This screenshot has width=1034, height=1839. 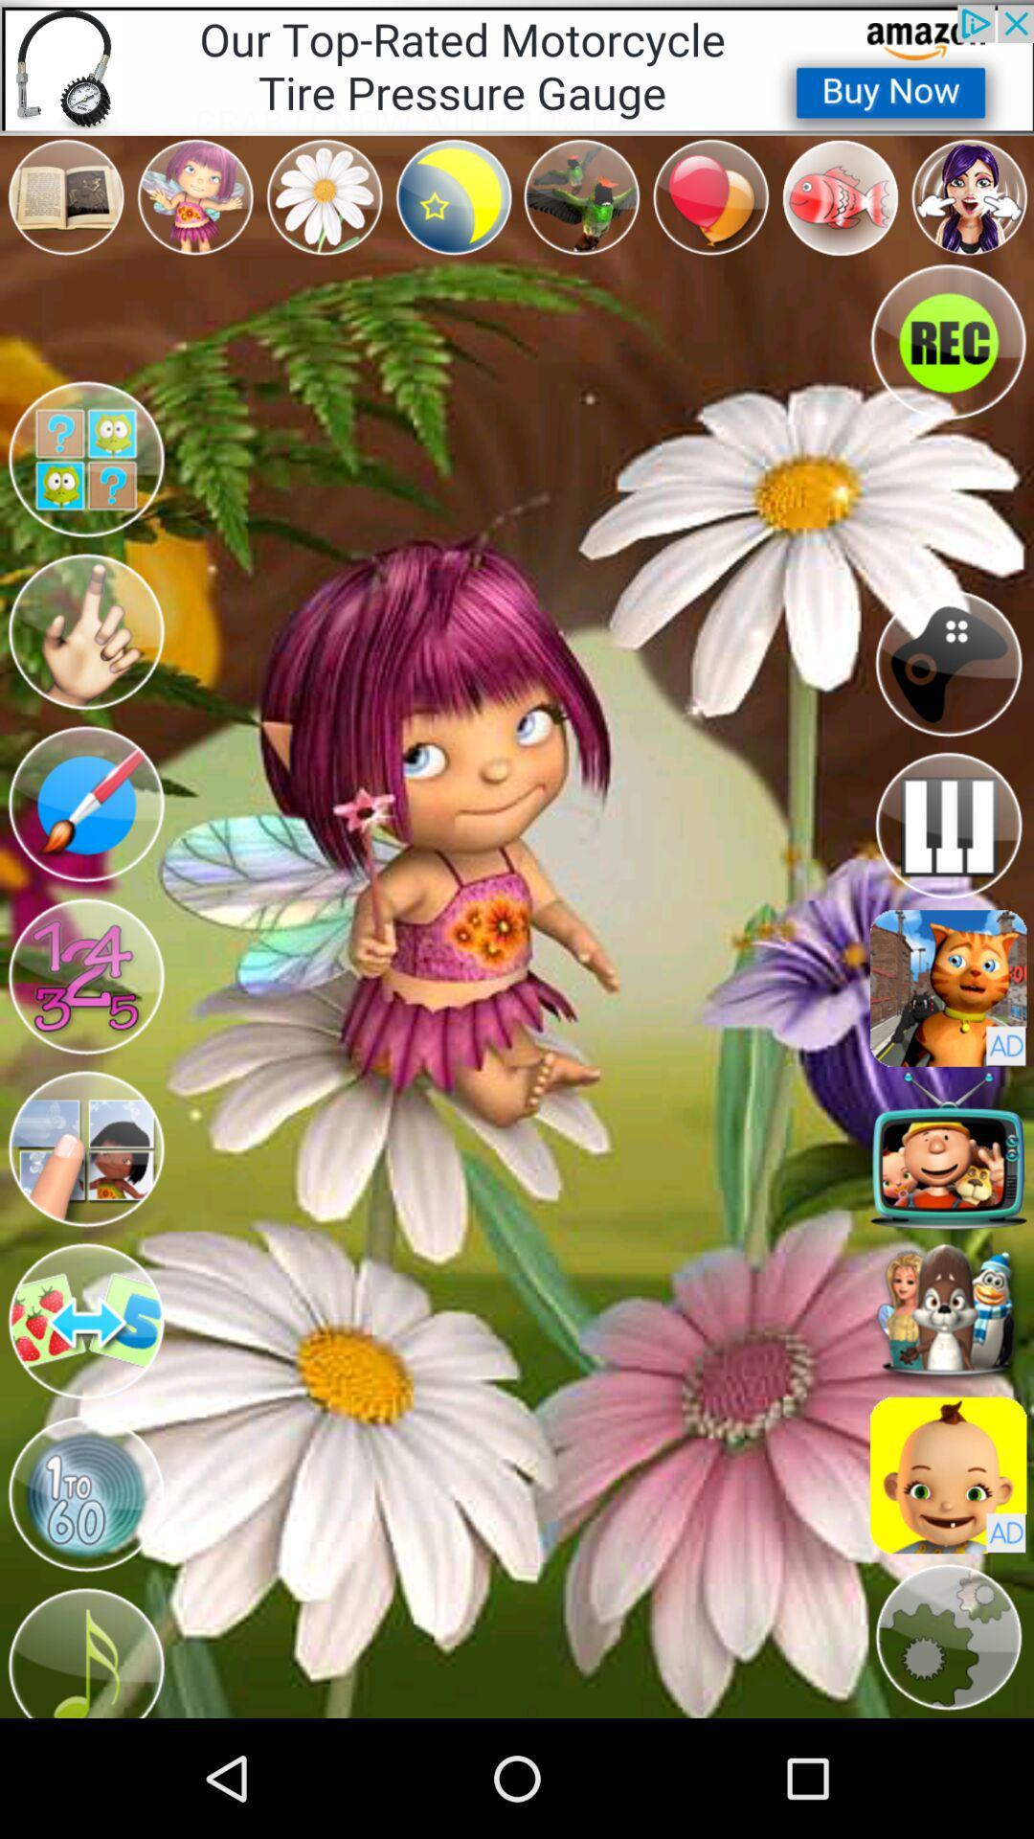 What do you see at coordinates (84, 1648) in the screenshot?
I see `music` at bounding box center [84, 1648].